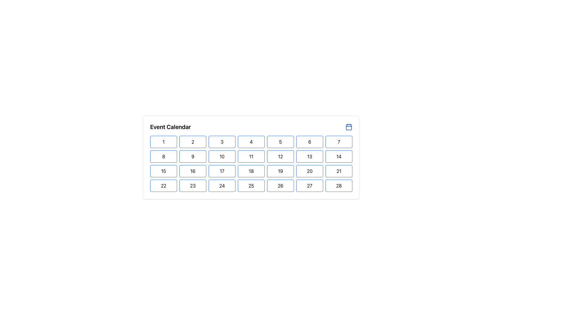 The height and width of the screenshot is (316, 561). Describe the element at coordinates (251, 157) in the screenshot. I see `the interactive day cells of the 'Event Calendar'` at that location.